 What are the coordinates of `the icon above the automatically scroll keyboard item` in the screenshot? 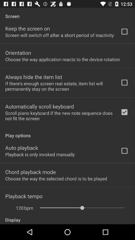 It's located at (59, 86).